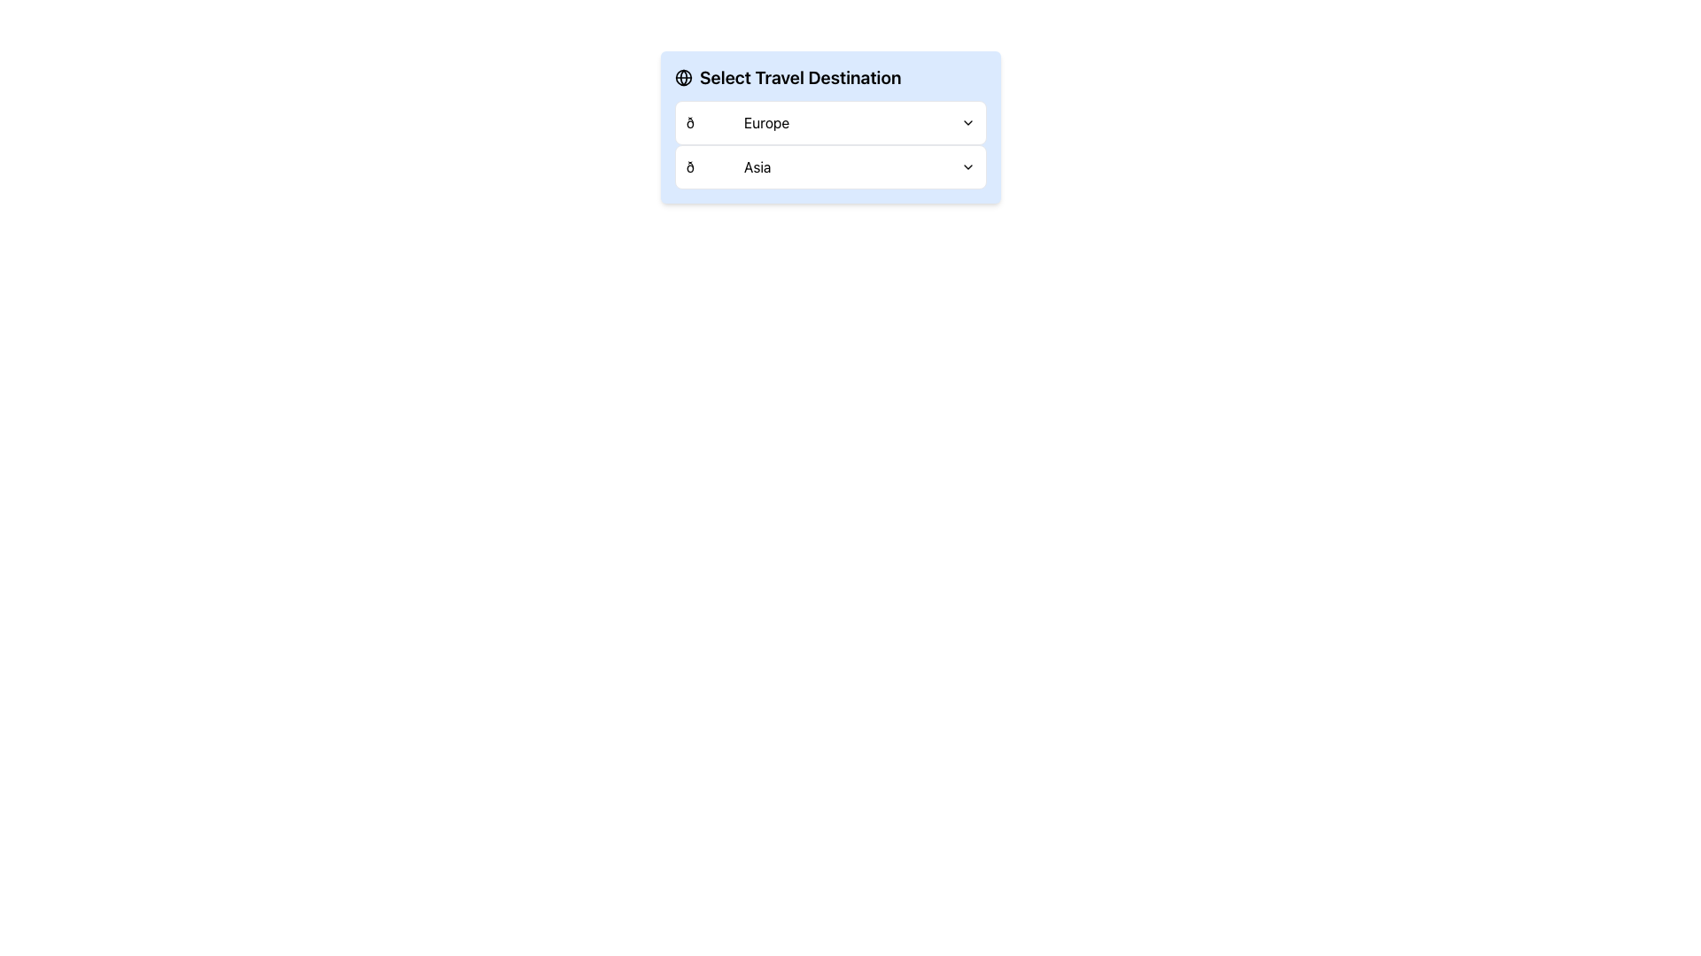 This screenshot has width=1701, height=956. Describe the element at coordinates (683, 77) in the screenshot. I see `the geographic icon located at the far left of the 'Select Travel Destination' section for additional actions or information` at that location.